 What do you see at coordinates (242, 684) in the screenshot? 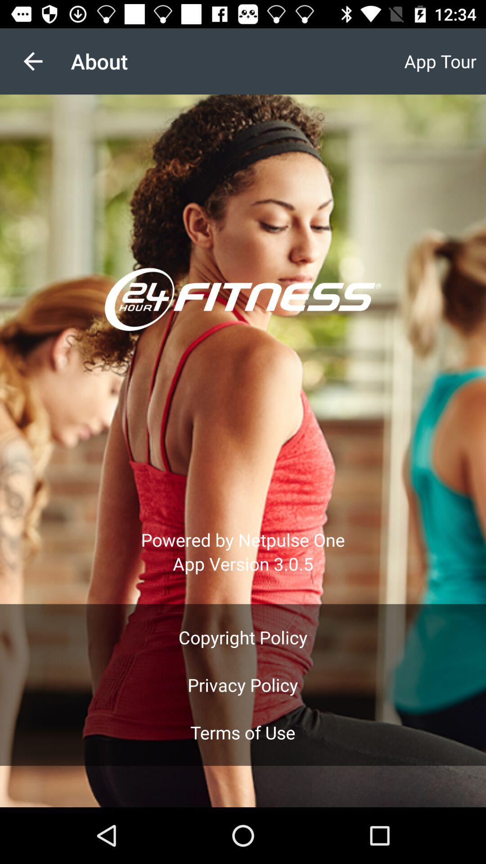
I see `item above terms of use icon` at bounding box center [242, 684].